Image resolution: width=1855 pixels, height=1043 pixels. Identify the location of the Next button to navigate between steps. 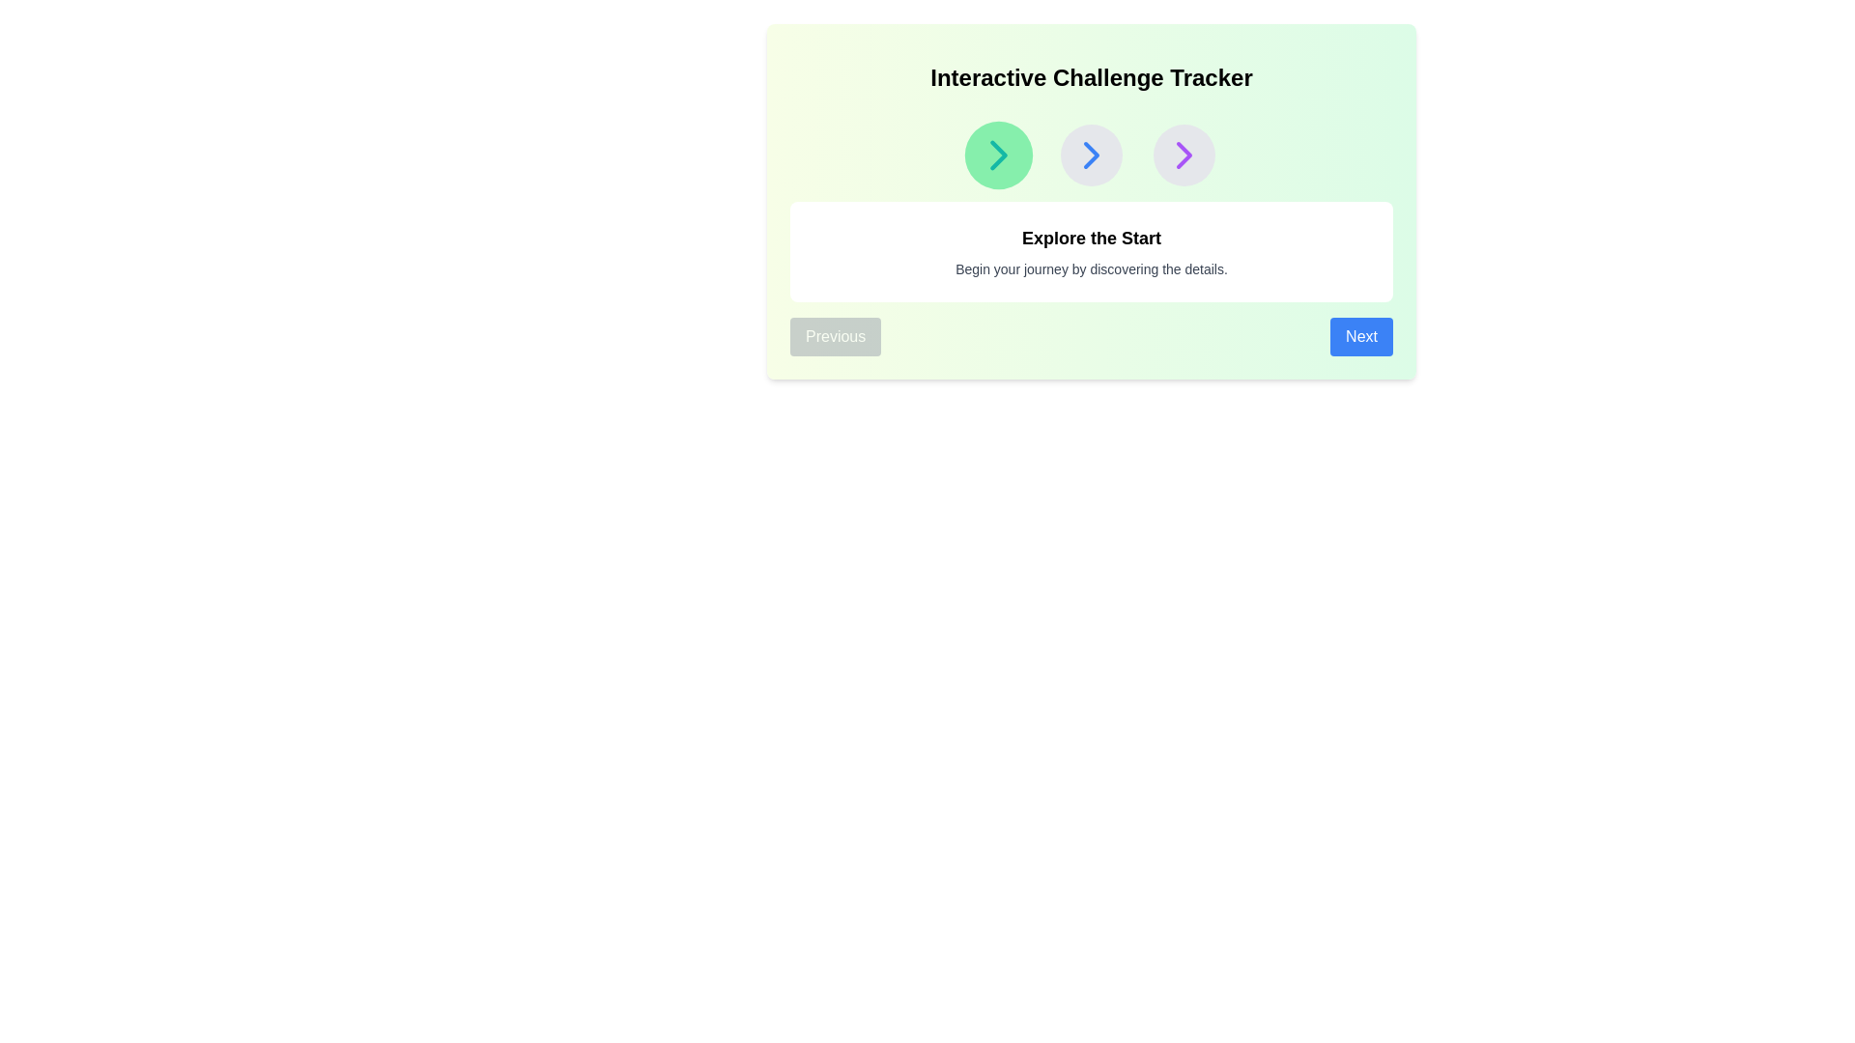
(1360, 335).